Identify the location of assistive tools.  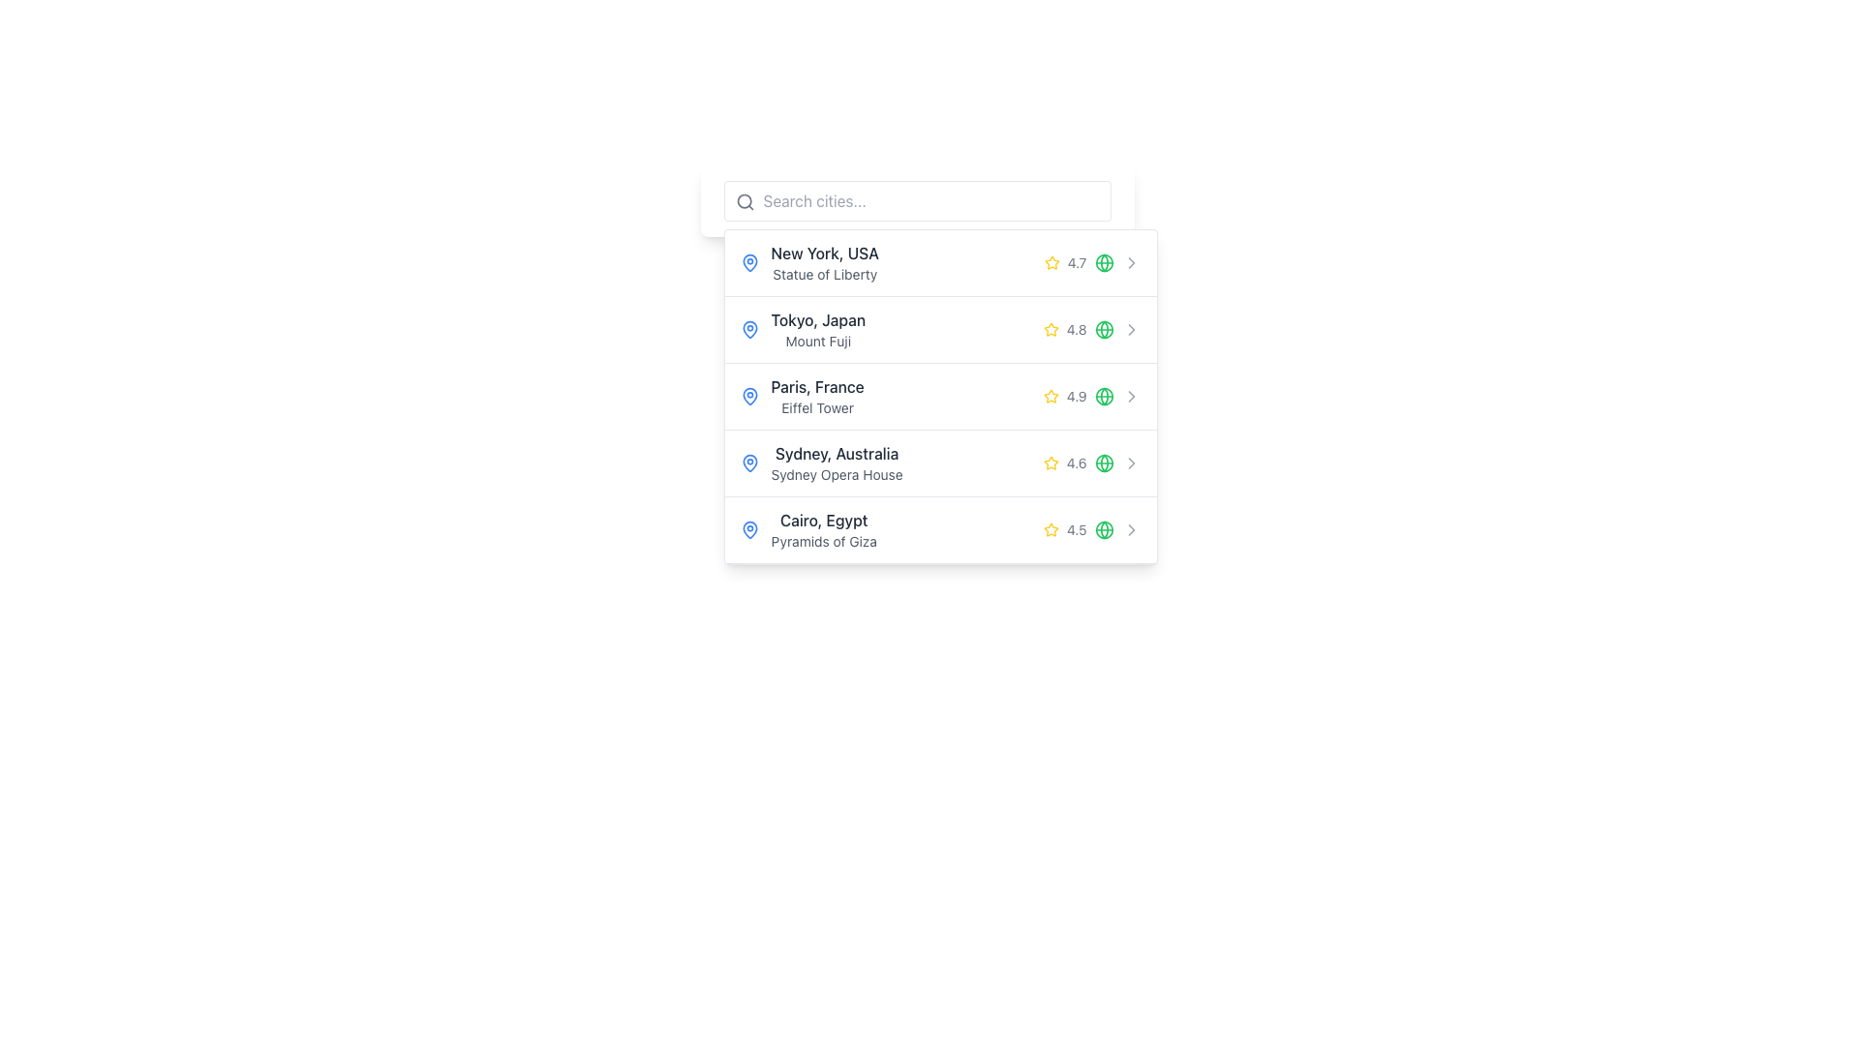
(817, 319).